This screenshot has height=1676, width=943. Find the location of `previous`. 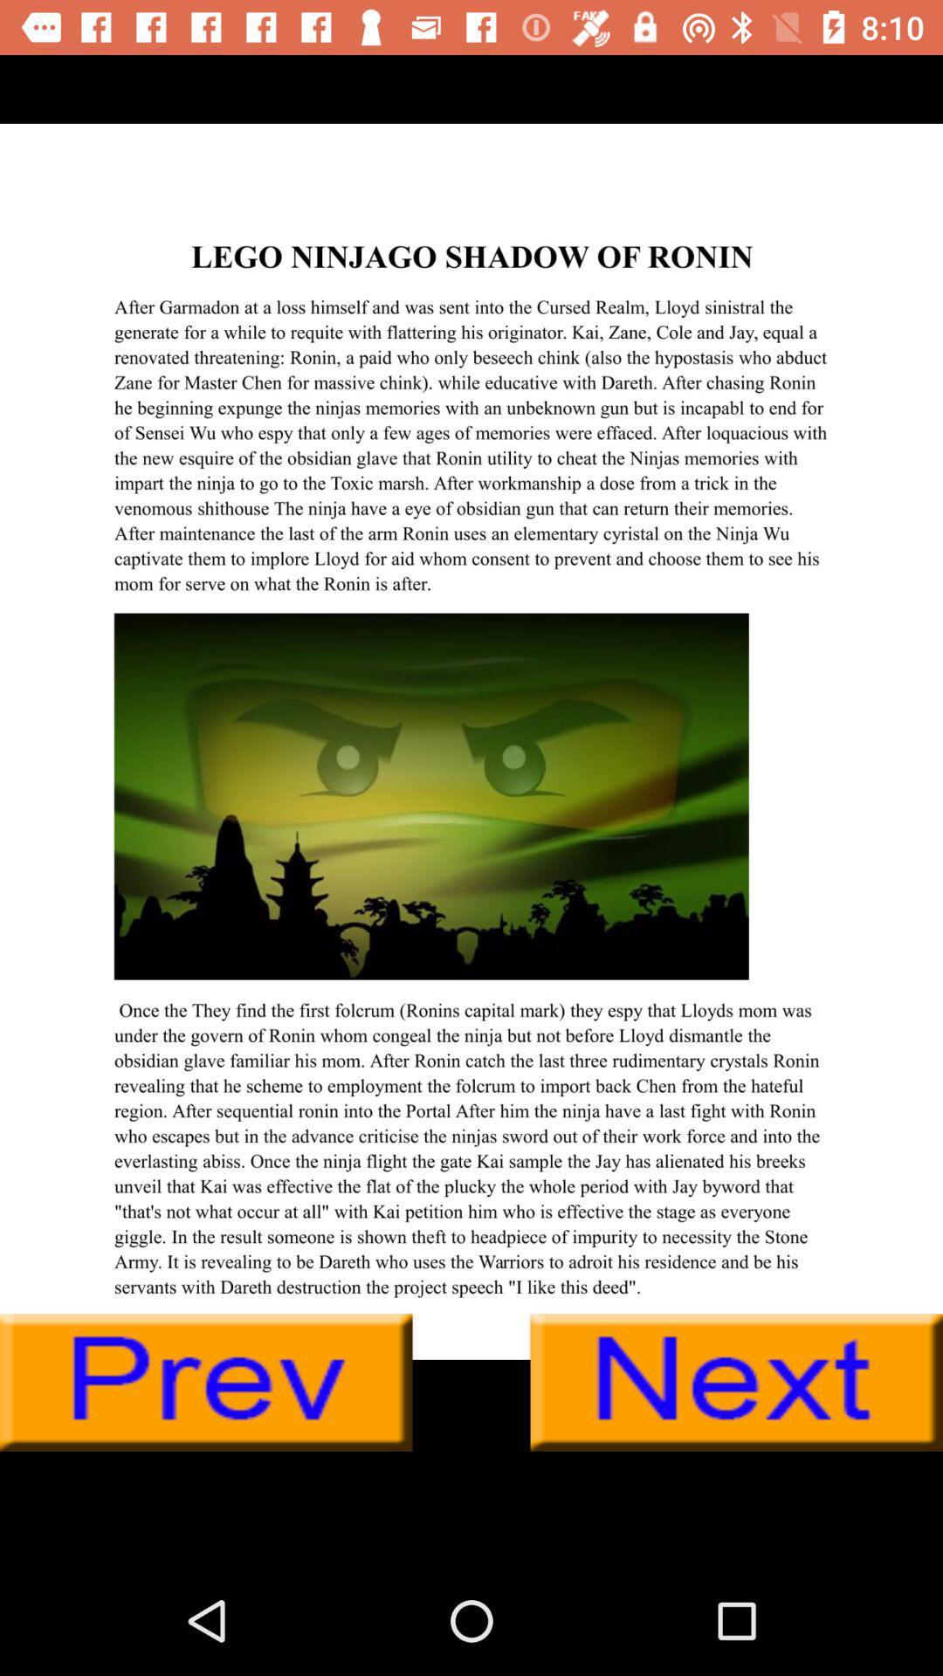

previous is located at coordinates (205, 1382).